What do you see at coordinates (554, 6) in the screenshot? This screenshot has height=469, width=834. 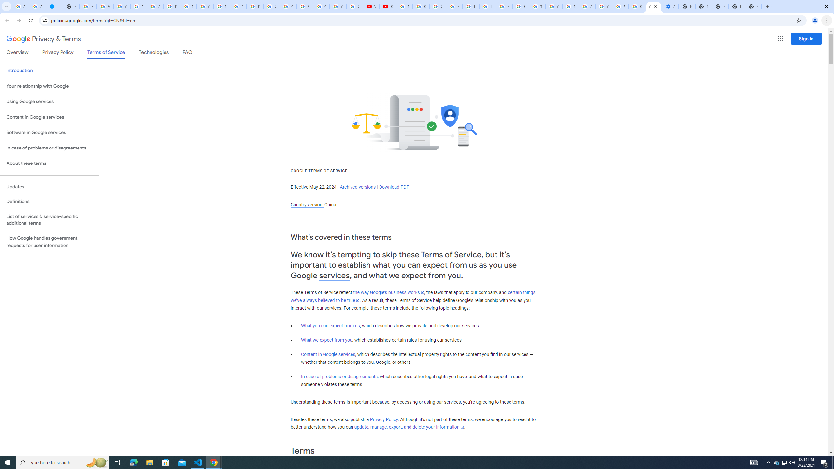 I see `'Google Ads - Sign in'` at bounding box center [554, 6].